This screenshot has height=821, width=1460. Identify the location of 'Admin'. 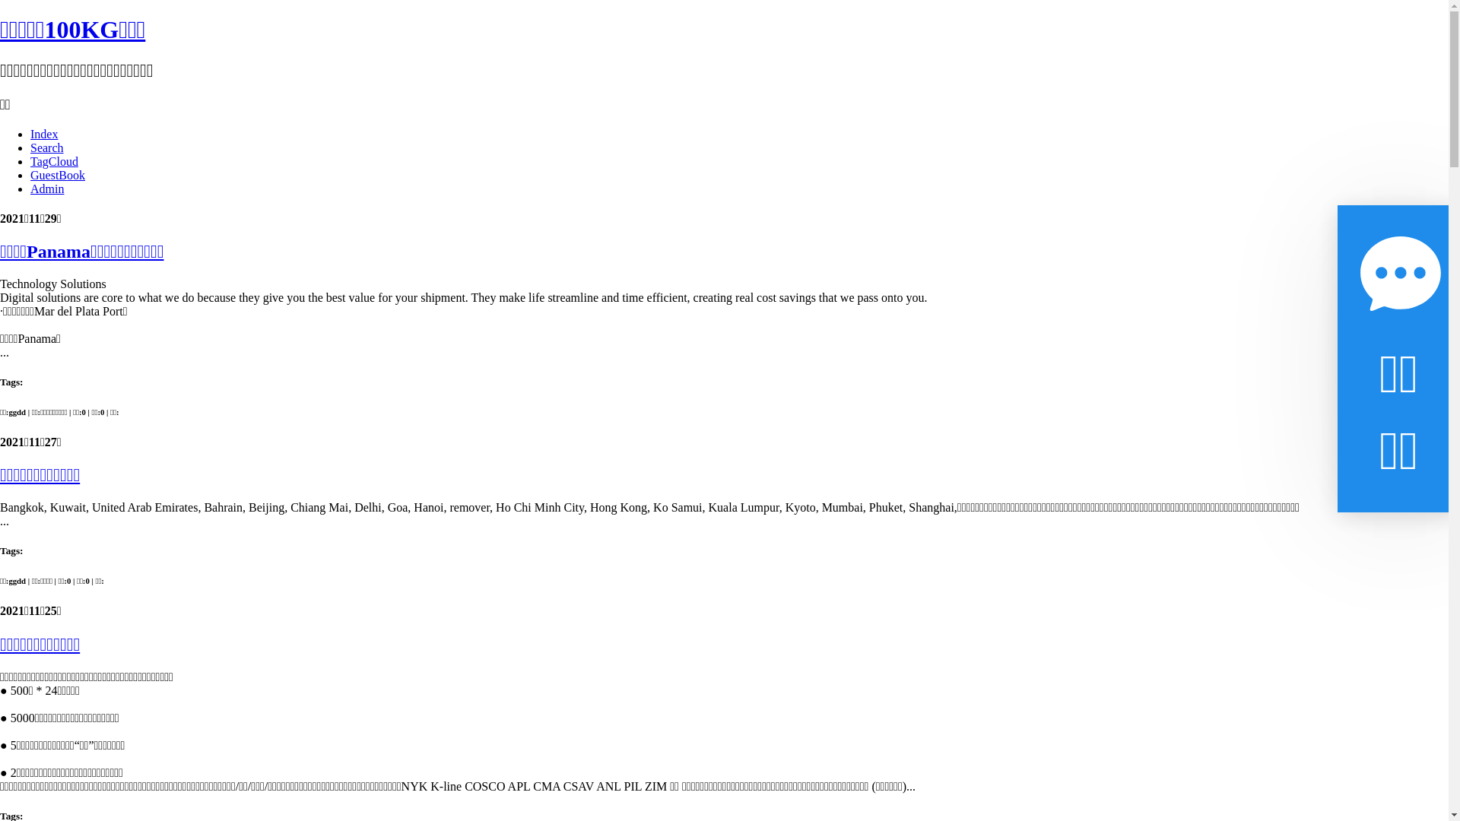
(47, 188).